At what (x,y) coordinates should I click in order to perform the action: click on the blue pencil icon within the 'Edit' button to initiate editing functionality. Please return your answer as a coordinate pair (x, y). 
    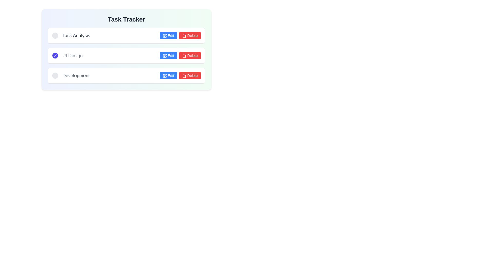
    Looking at the image, I should click on (165, 76).